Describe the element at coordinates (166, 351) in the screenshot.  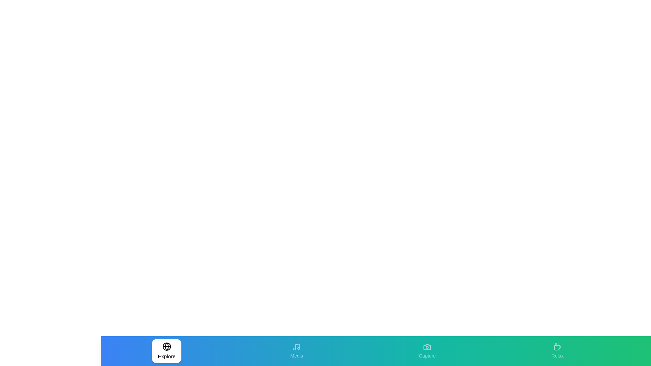
I see `the Explore tab to observe its visual feedback` at that location.